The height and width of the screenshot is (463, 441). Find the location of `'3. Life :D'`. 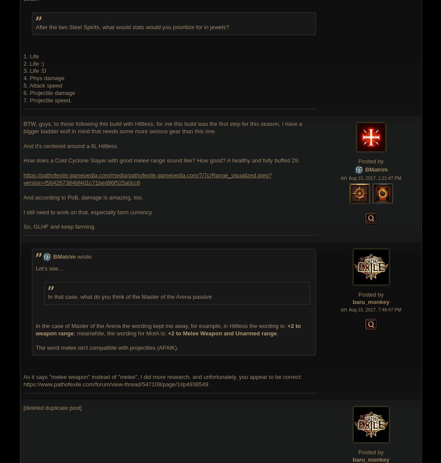

'3. Life :D' is located at coordinates (34, 71).